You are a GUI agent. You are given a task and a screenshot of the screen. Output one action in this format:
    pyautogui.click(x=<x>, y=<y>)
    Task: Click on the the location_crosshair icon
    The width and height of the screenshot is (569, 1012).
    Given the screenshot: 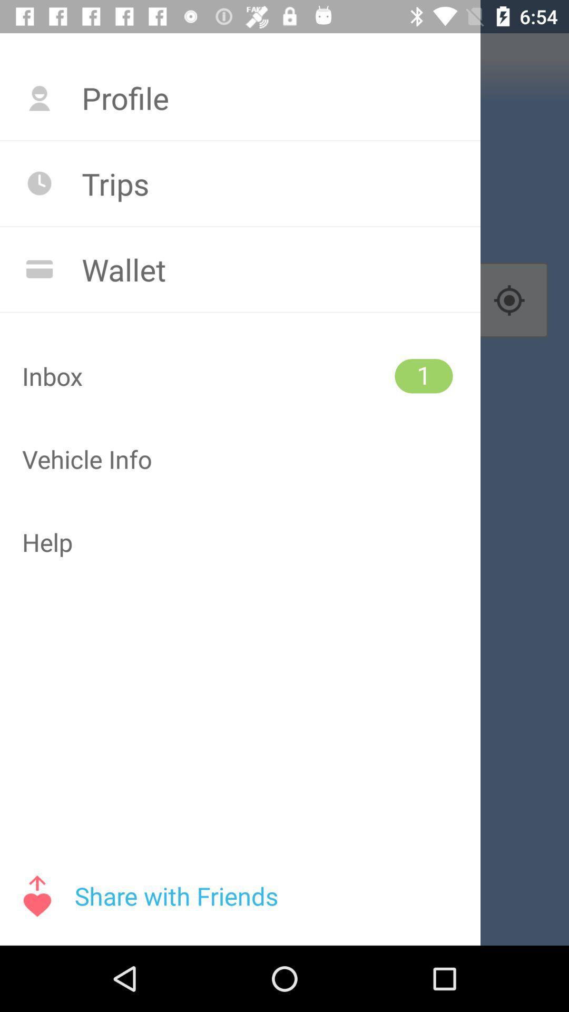 What is the action you would take?
    pyautogui.click(x=508, y=300)
    